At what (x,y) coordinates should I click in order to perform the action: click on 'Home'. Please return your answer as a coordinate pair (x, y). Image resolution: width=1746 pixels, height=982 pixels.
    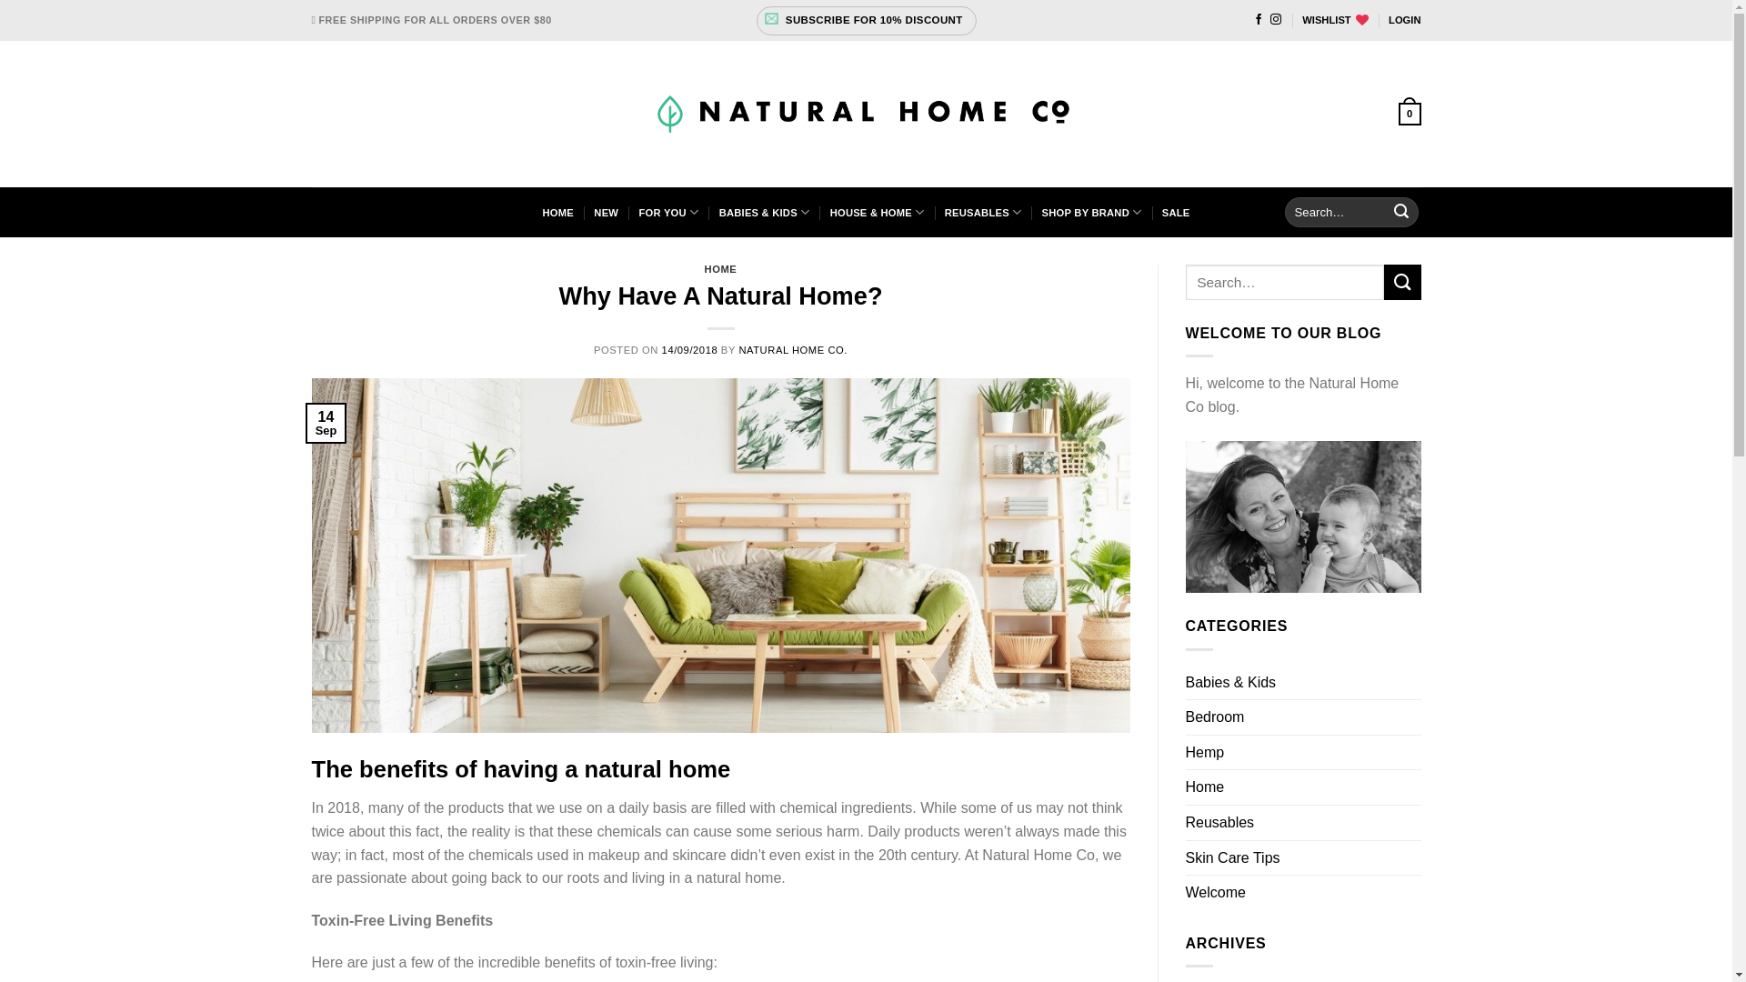
    Looking at the image, I should click on (1186, 787).